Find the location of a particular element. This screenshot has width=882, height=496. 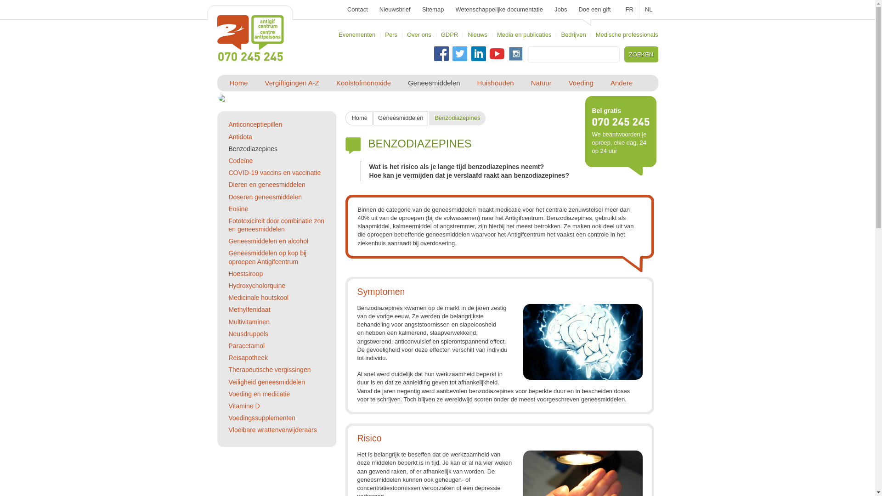

'Reisapotheek' is located at coordinates (248, 357).